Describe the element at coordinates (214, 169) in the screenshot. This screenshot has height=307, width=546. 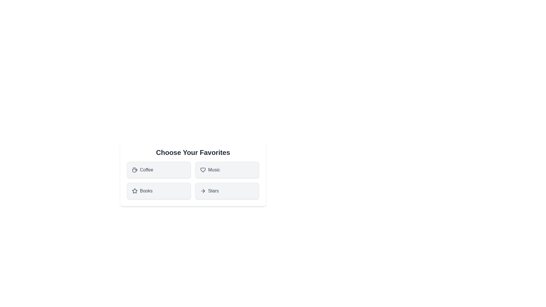
I see `the static text label reading 'Music', which is styled with dark gray text on a light gray background within a card-like component, located in the second option of the top row in a grid layout` at that location.